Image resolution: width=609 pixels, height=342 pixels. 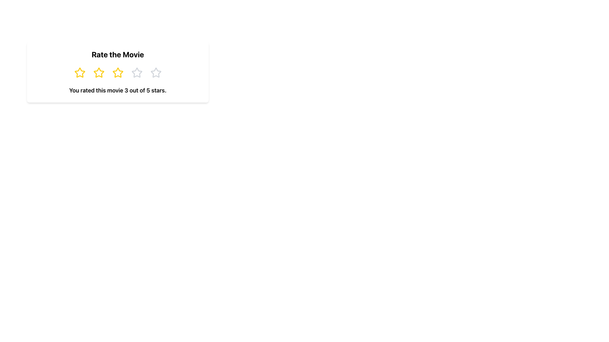 I want to click on the highlighted yellow star icon, which is the second star in the horizontal row of five stars in the rating widget, so click(x=98, y=73).